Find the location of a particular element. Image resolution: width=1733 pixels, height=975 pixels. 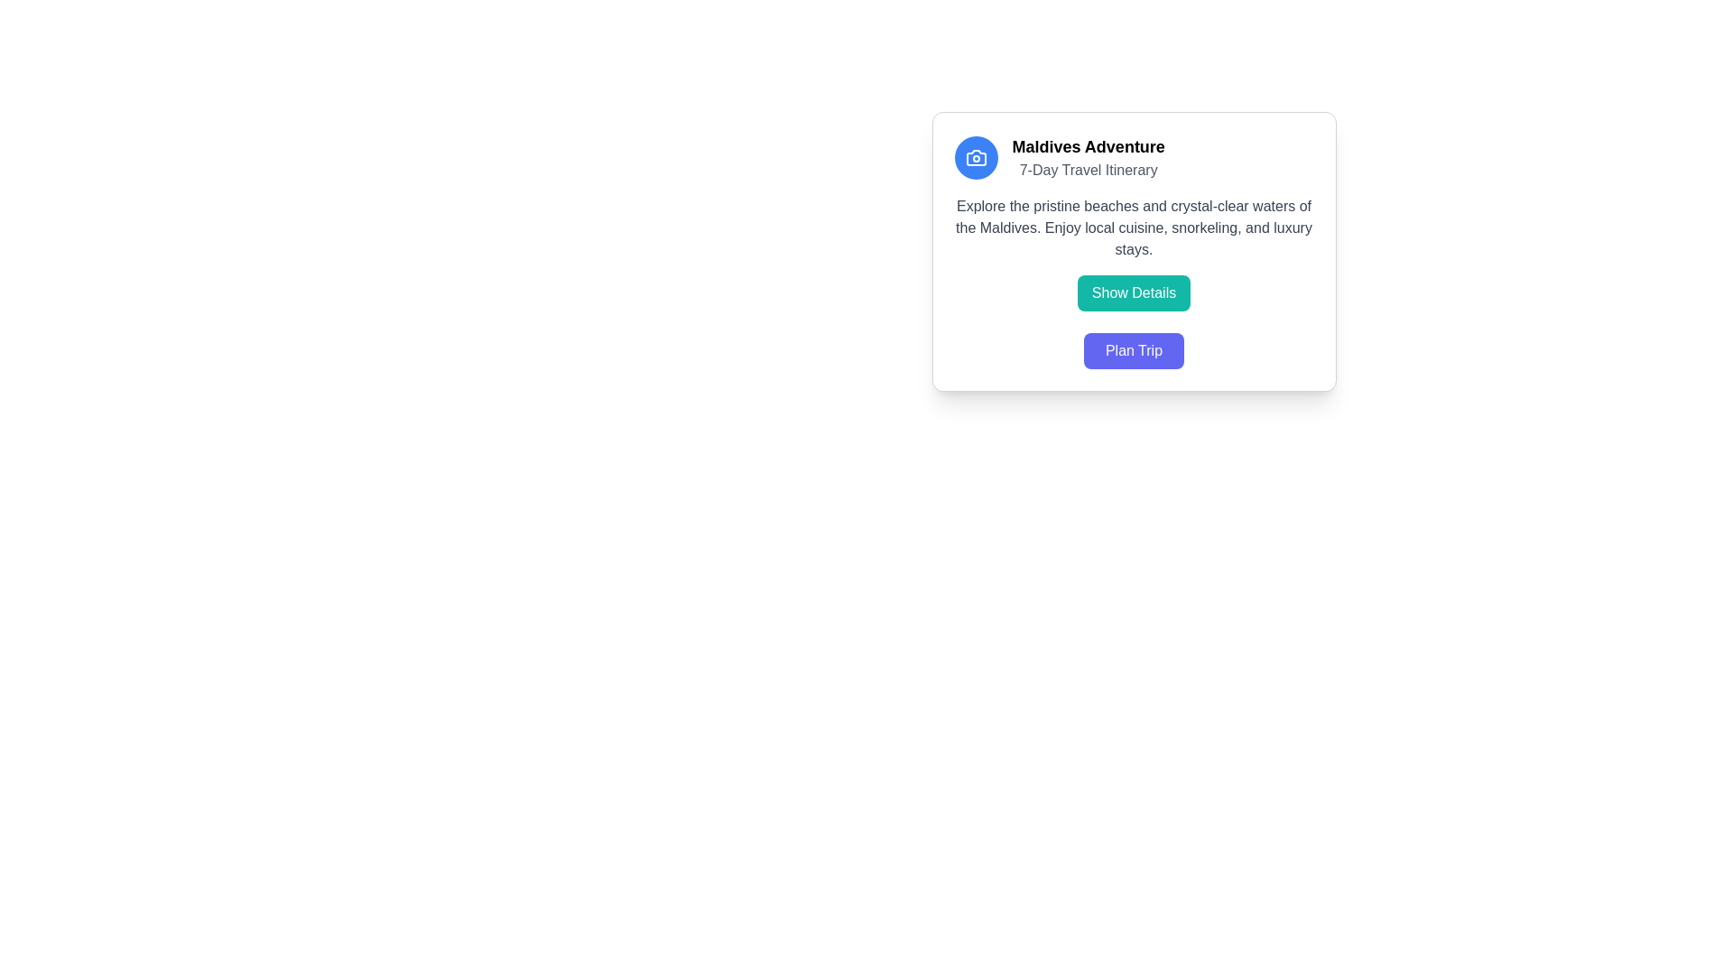

the 'Plan Trip' button with a purple background and white text, located at the bottom of the 'Maldives Adventure' panel, below the 'Show Details' green button is located at coordinates (1133, 351).